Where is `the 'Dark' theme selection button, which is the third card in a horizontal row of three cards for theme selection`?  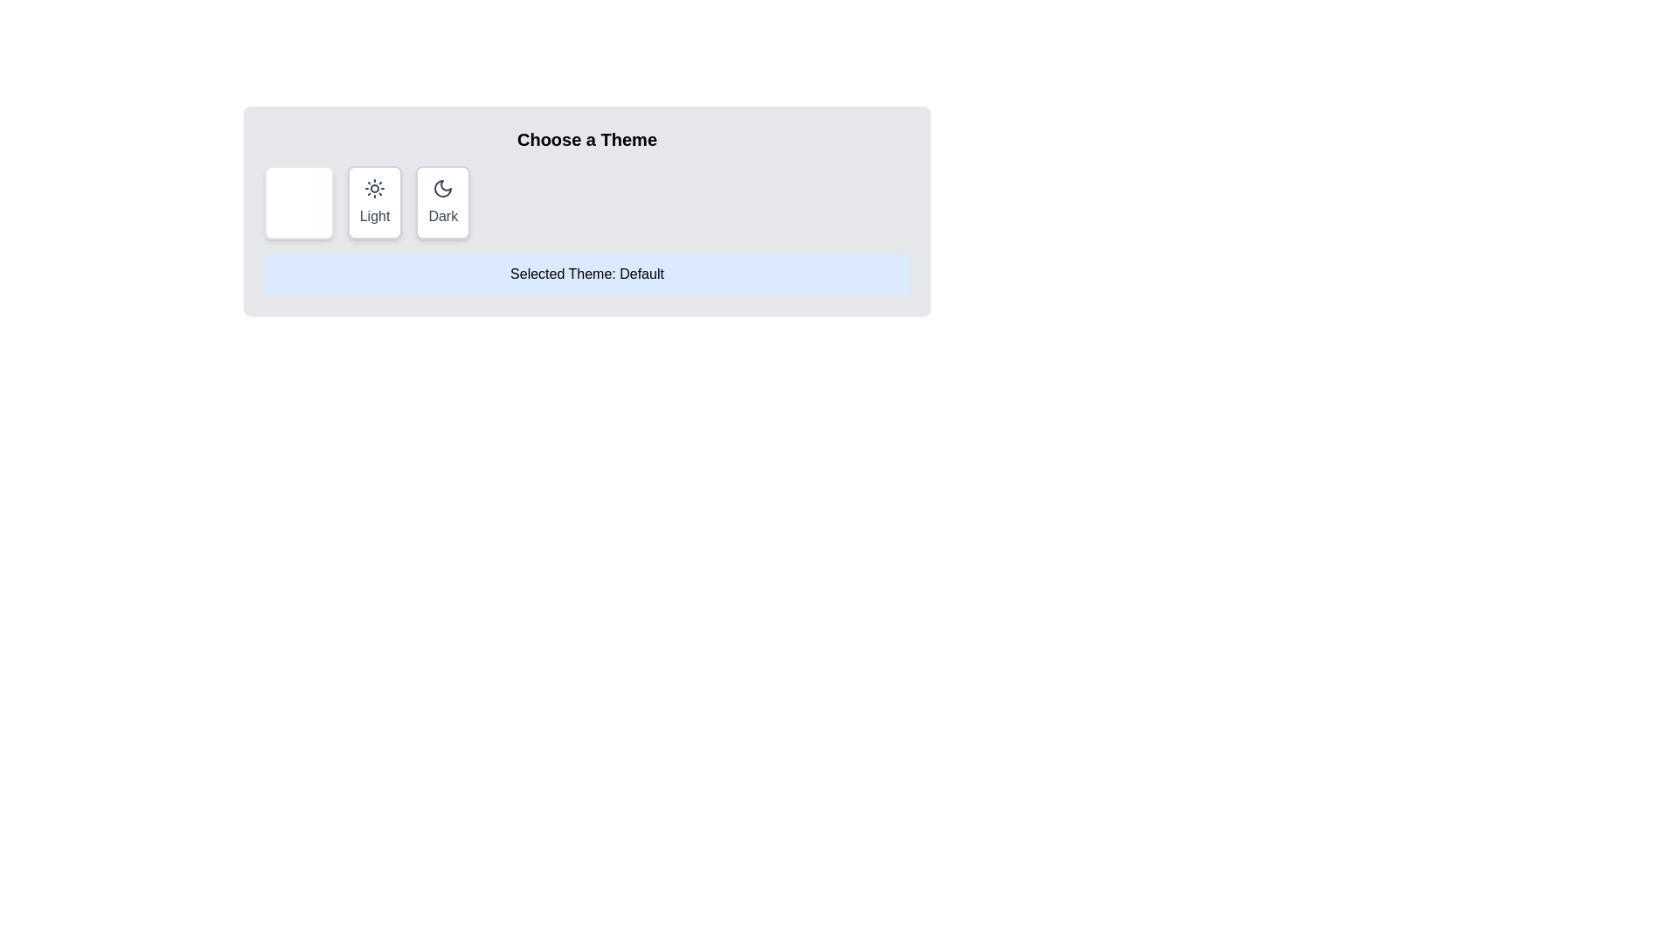
the 'Dark' theme selection button, which is the third card in a horizontal row of three cards for theme selection is located at coordinates (443, 201).